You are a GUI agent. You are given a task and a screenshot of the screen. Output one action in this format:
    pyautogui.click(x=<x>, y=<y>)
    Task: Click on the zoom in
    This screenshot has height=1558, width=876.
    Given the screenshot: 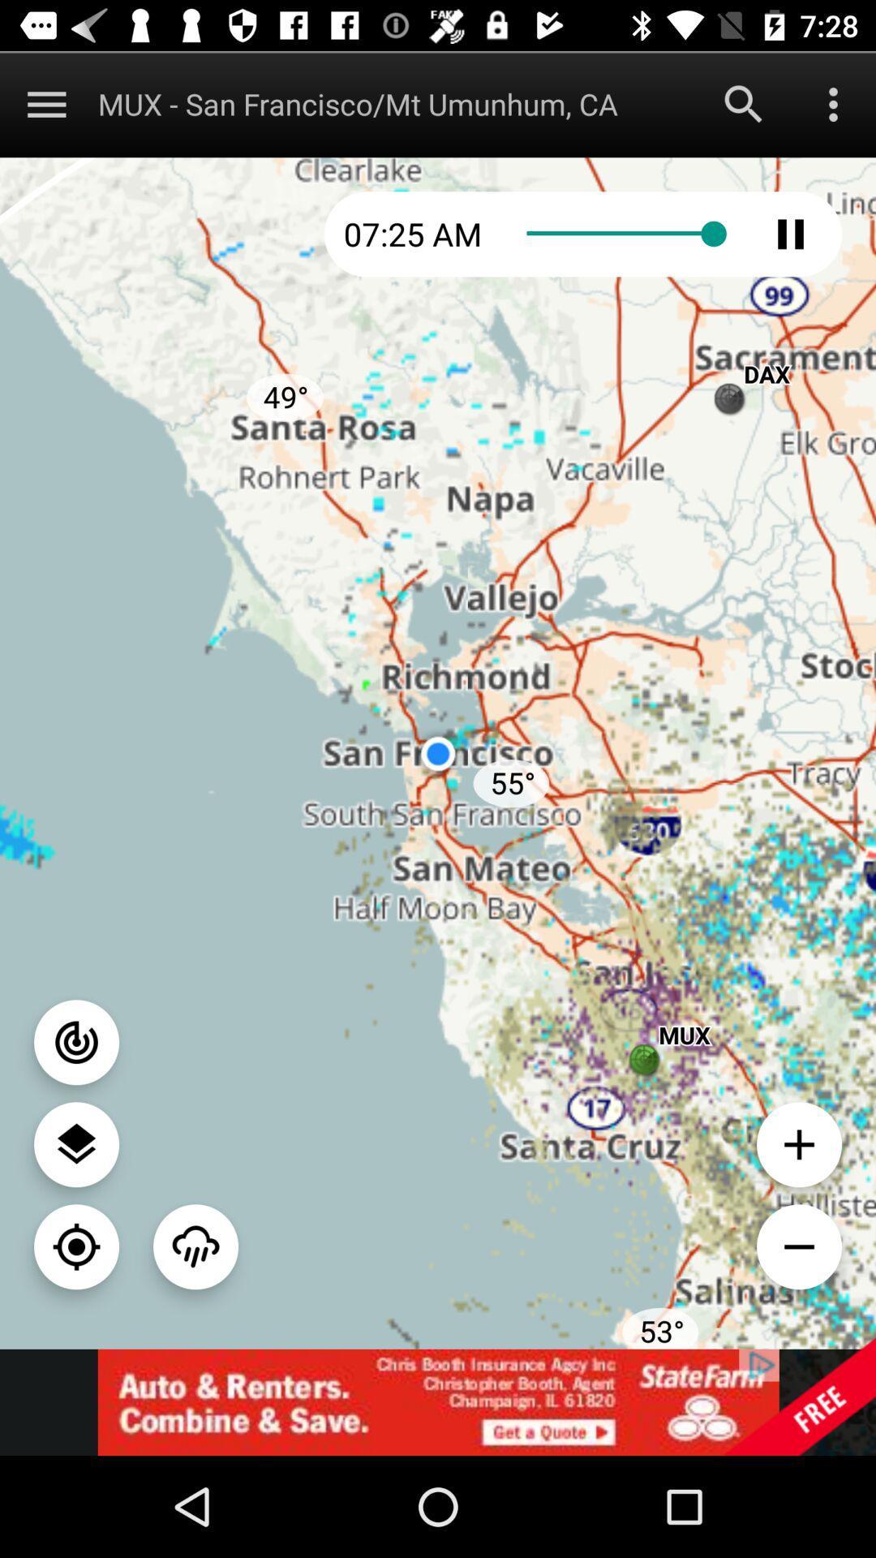 What is the action you would take?
    pyautogui.click(x=798, y=1143)
    